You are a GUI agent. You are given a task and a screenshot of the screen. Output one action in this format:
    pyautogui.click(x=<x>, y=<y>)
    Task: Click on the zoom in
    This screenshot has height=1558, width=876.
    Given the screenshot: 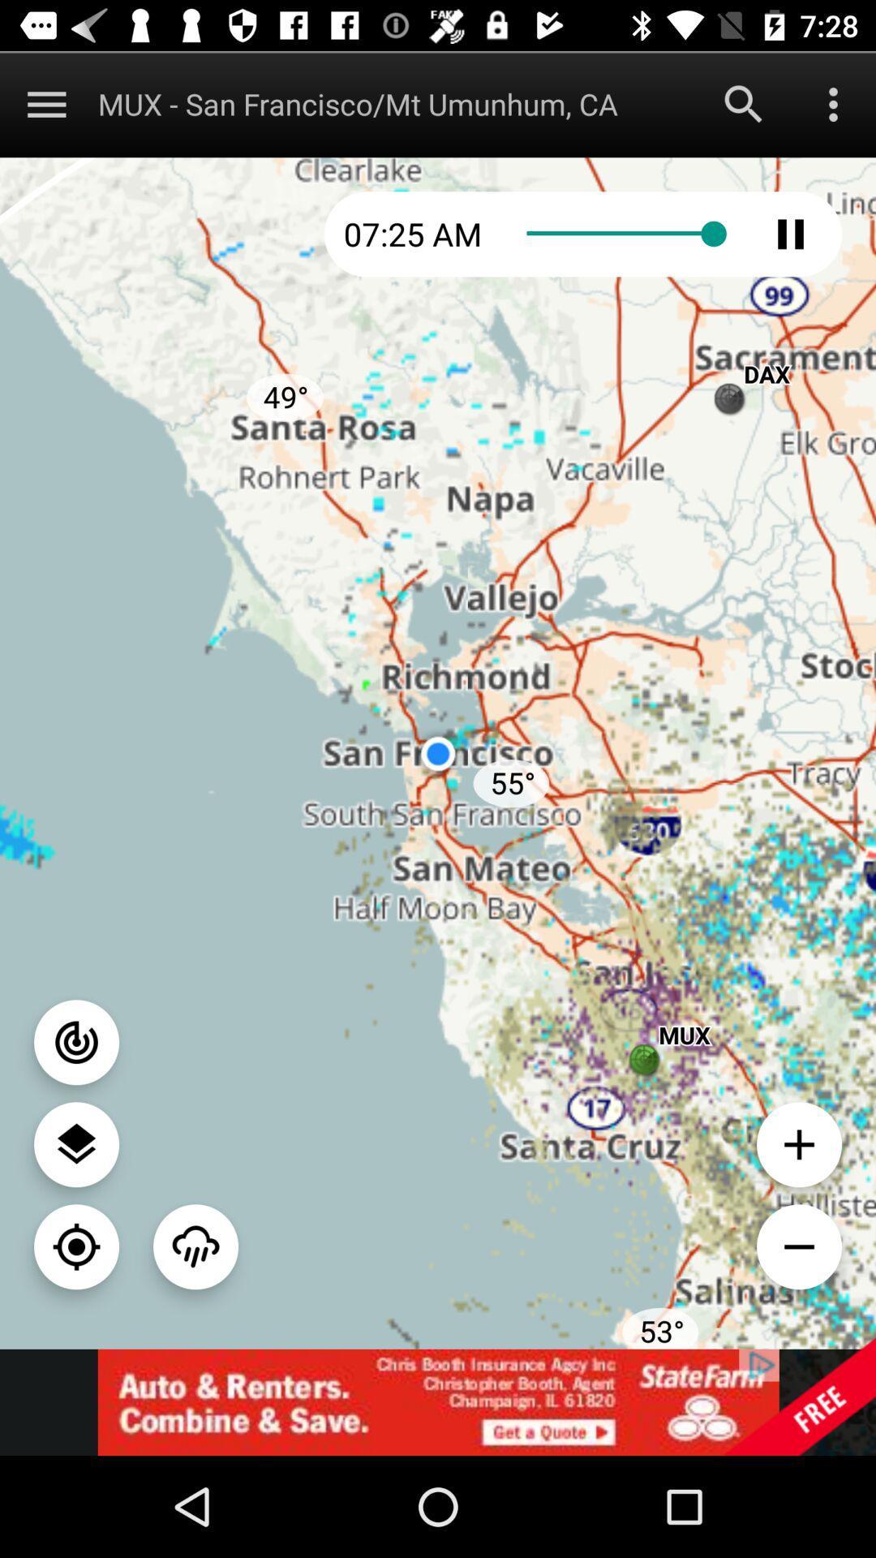 What is the action you would take?
    pyautogui.click(x=798, y=1143)
    